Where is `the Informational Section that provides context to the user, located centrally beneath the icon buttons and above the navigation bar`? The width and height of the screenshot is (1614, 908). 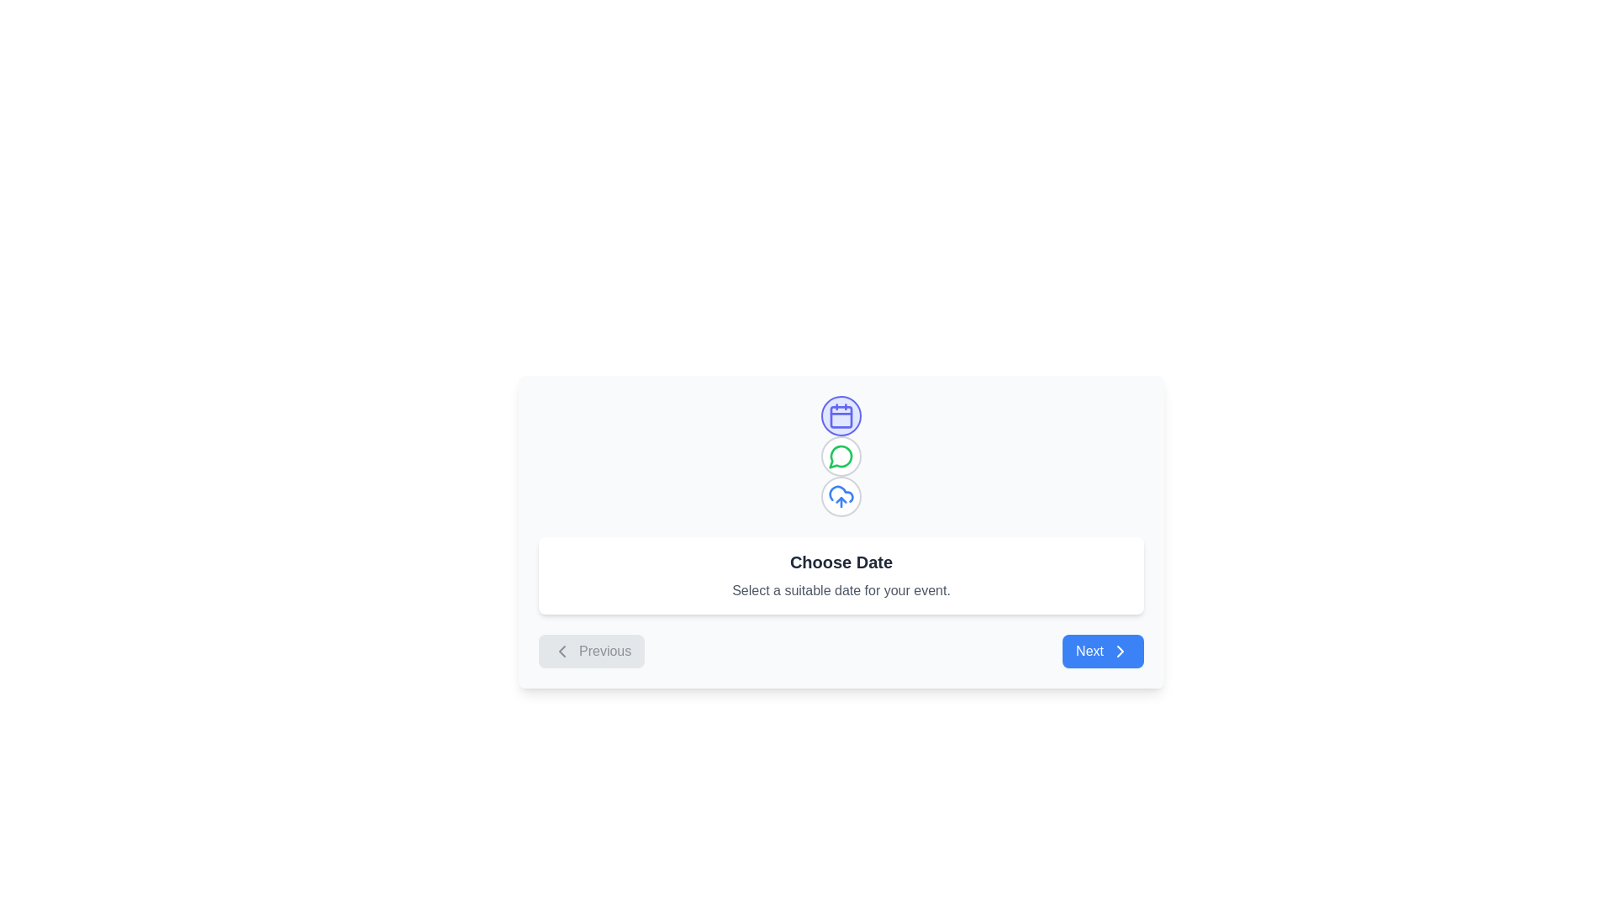 the Informational Section that provides context to the user, located centrally beneath the icon buttons and above the navigation bar is located at coordinates (841, 575).